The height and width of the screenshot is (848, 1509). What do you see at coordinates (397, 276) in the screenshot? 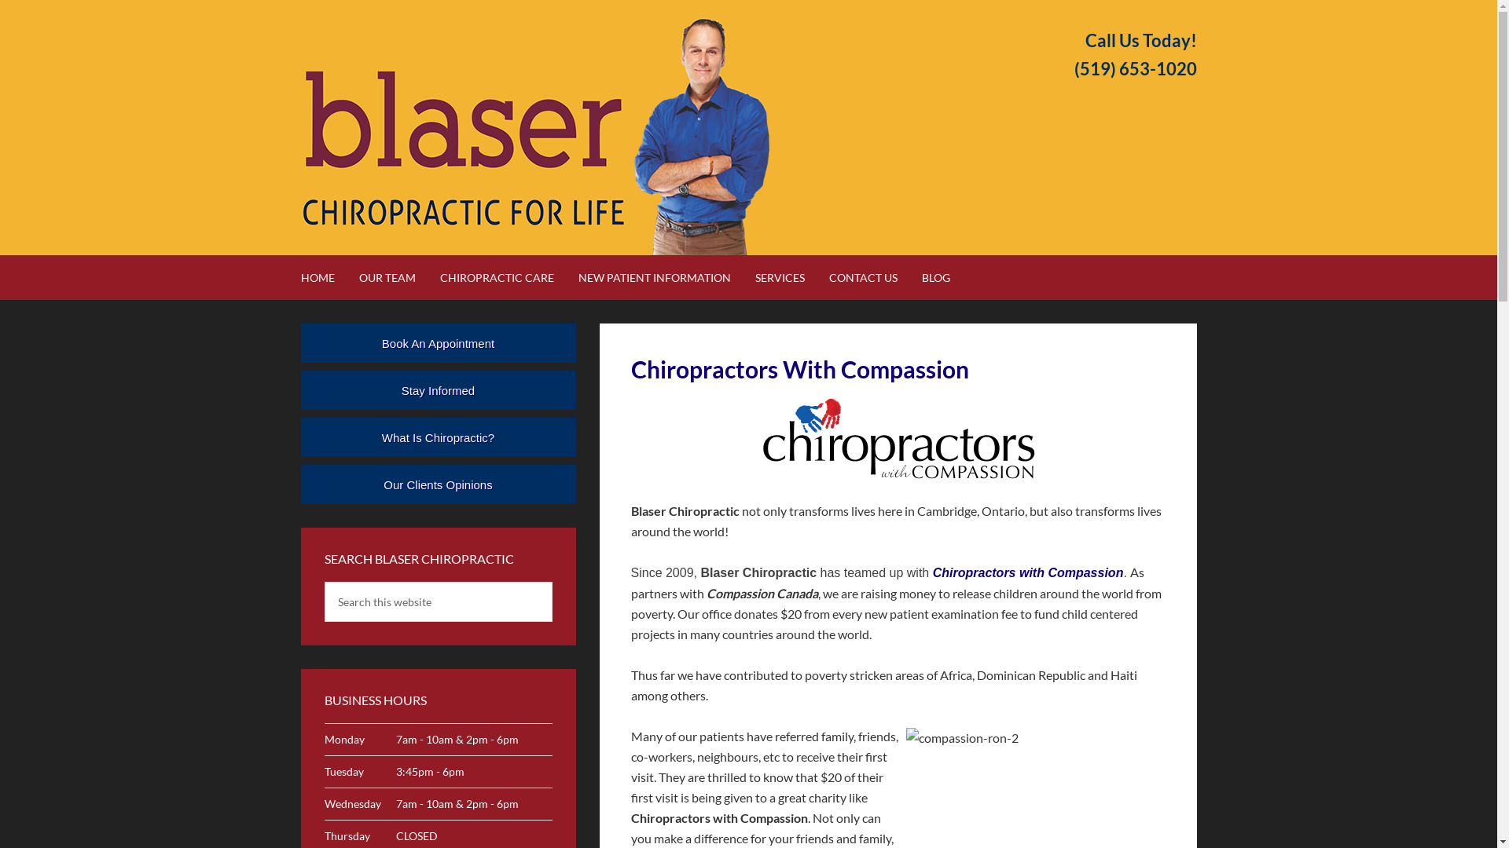
I see `'OUR TEAM'` at bounding box center [397, 276].